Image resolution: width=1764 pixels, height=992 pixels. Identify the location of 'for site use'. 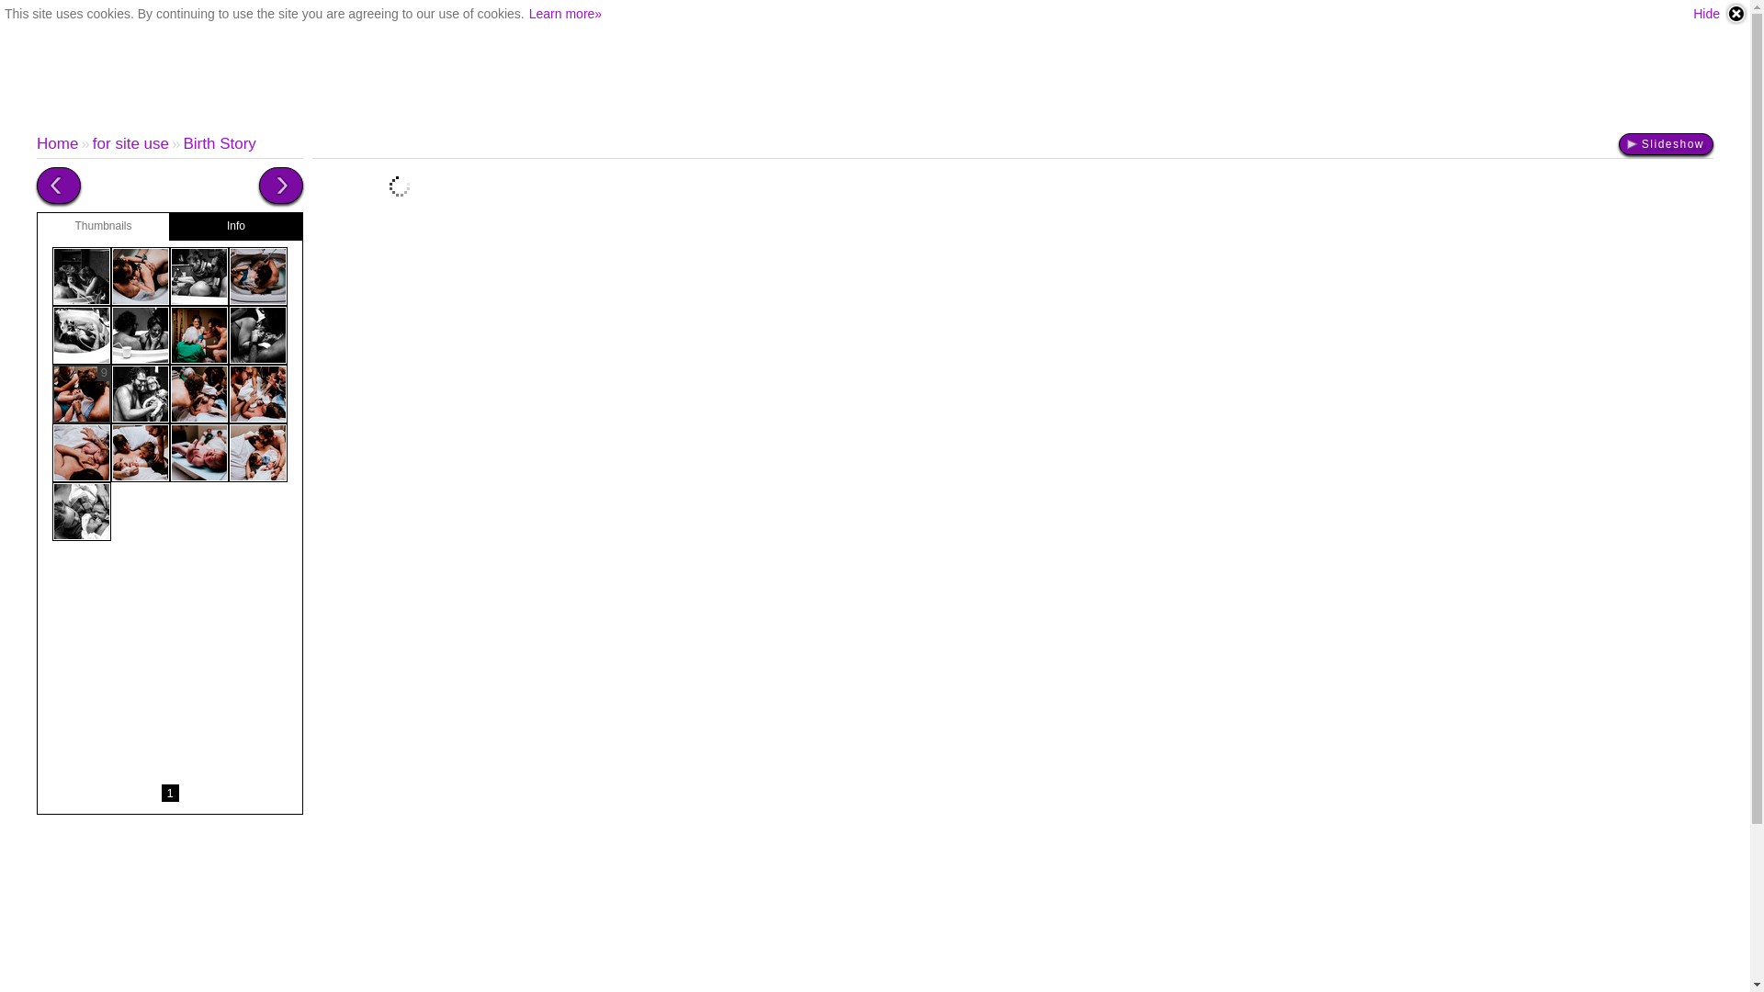
(91, 142).